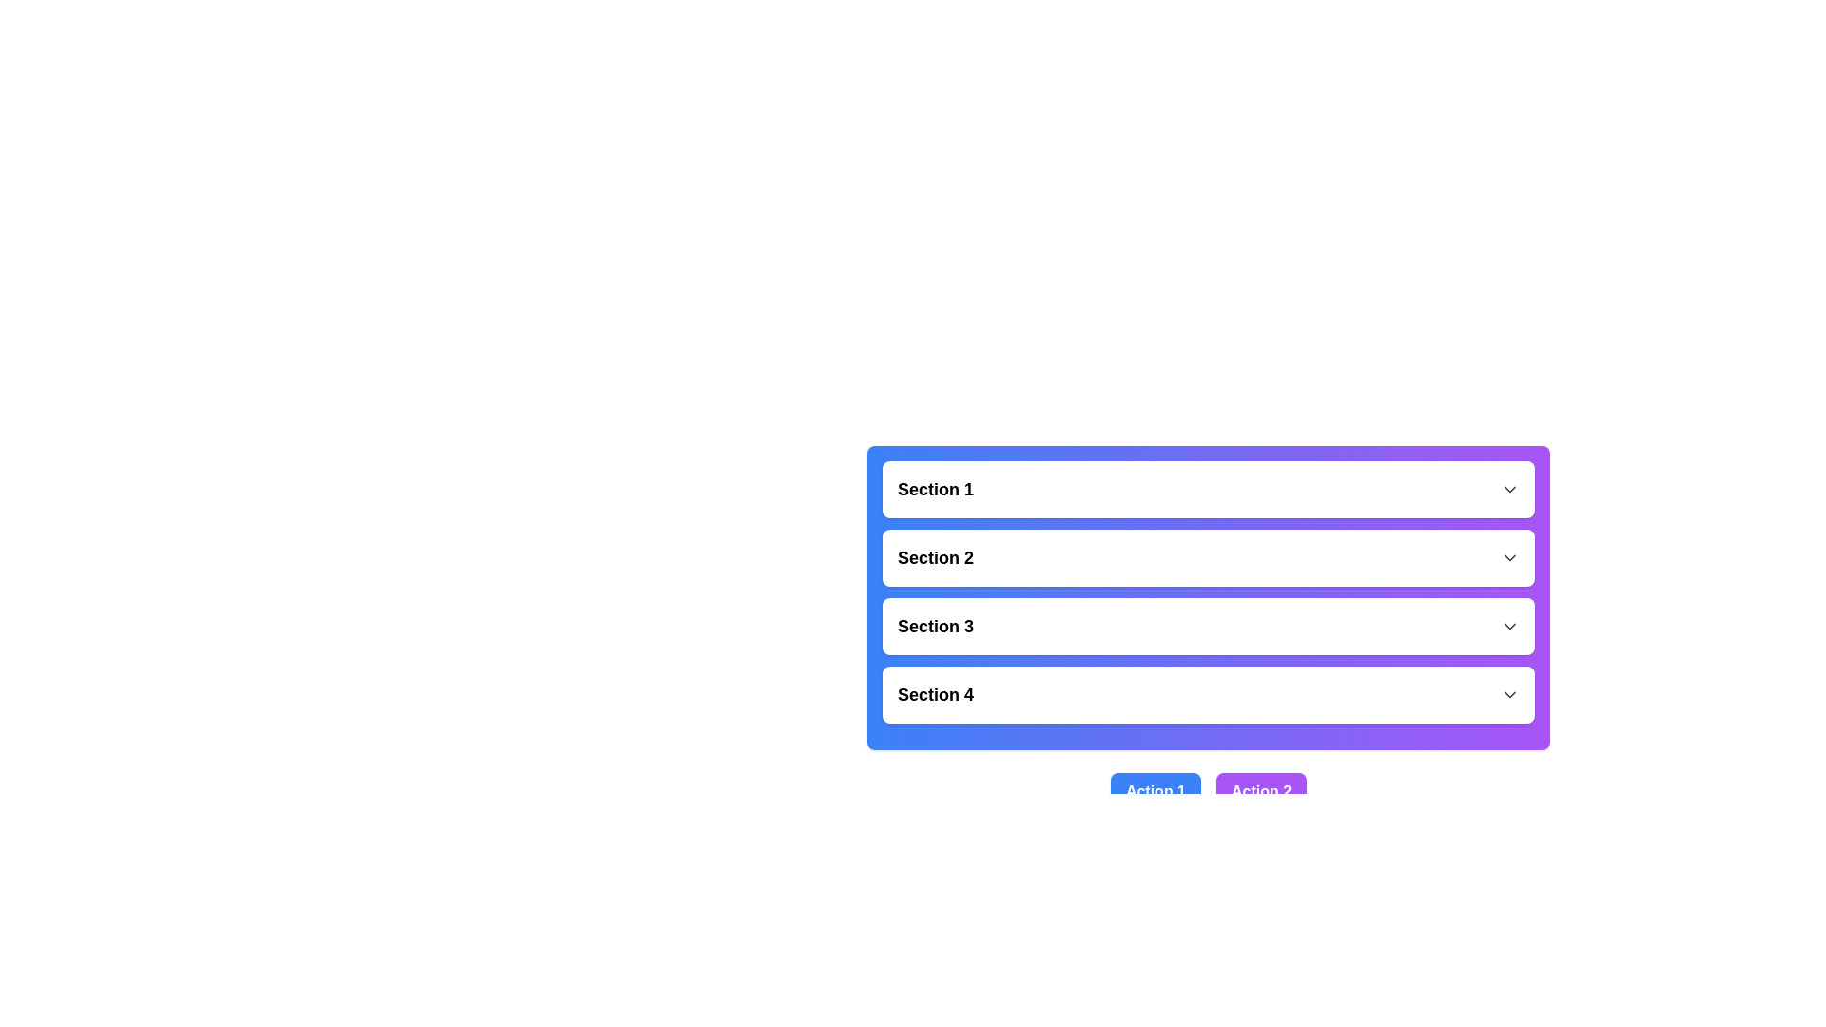 This screenshot has width=1826, height=1027. Describe the element at coordinates (935, 627) in the screenshot. I see `the label that identifies the section, which is located third from the top in a vertically stacked list, positioned left of a downward-pointing arrow icon` at that location.